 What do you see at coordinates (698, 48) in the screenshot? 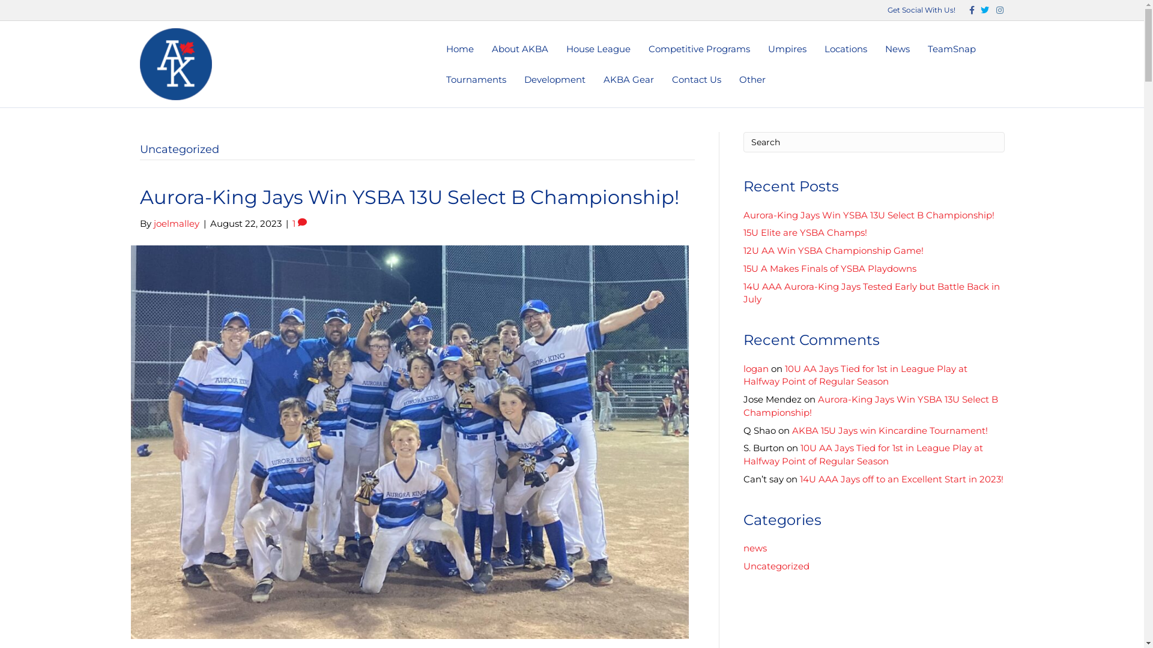
I see `'Competitive Programs'` at bounding box center [698, 48].